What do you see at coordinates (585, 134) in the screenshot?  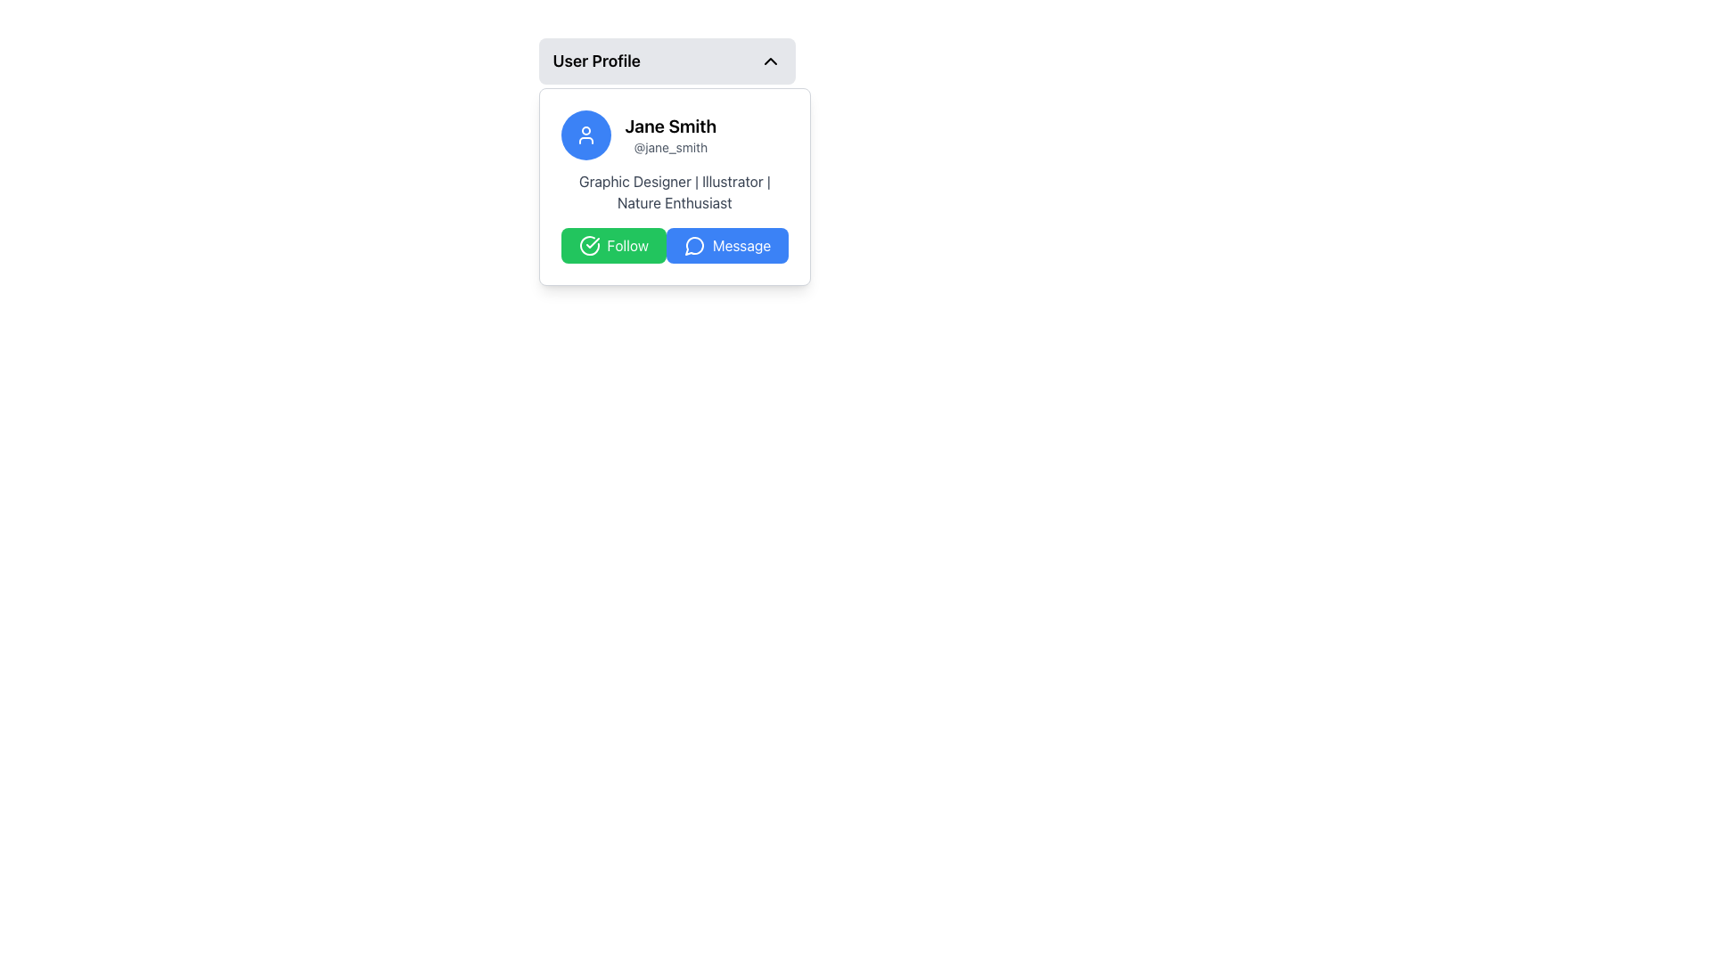 I see `the User Profile Icon, which is a circular blue button with a white user icon, located in the 'User Profile' section next to 'Jane Smith' and '@jane_smith'` at bounding box center [585, 134].